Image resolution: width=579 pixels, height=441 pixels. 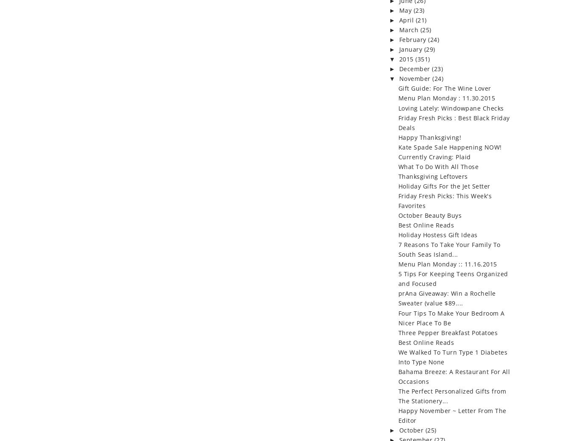 I want to click on 'November', so click(x=415, y=78).